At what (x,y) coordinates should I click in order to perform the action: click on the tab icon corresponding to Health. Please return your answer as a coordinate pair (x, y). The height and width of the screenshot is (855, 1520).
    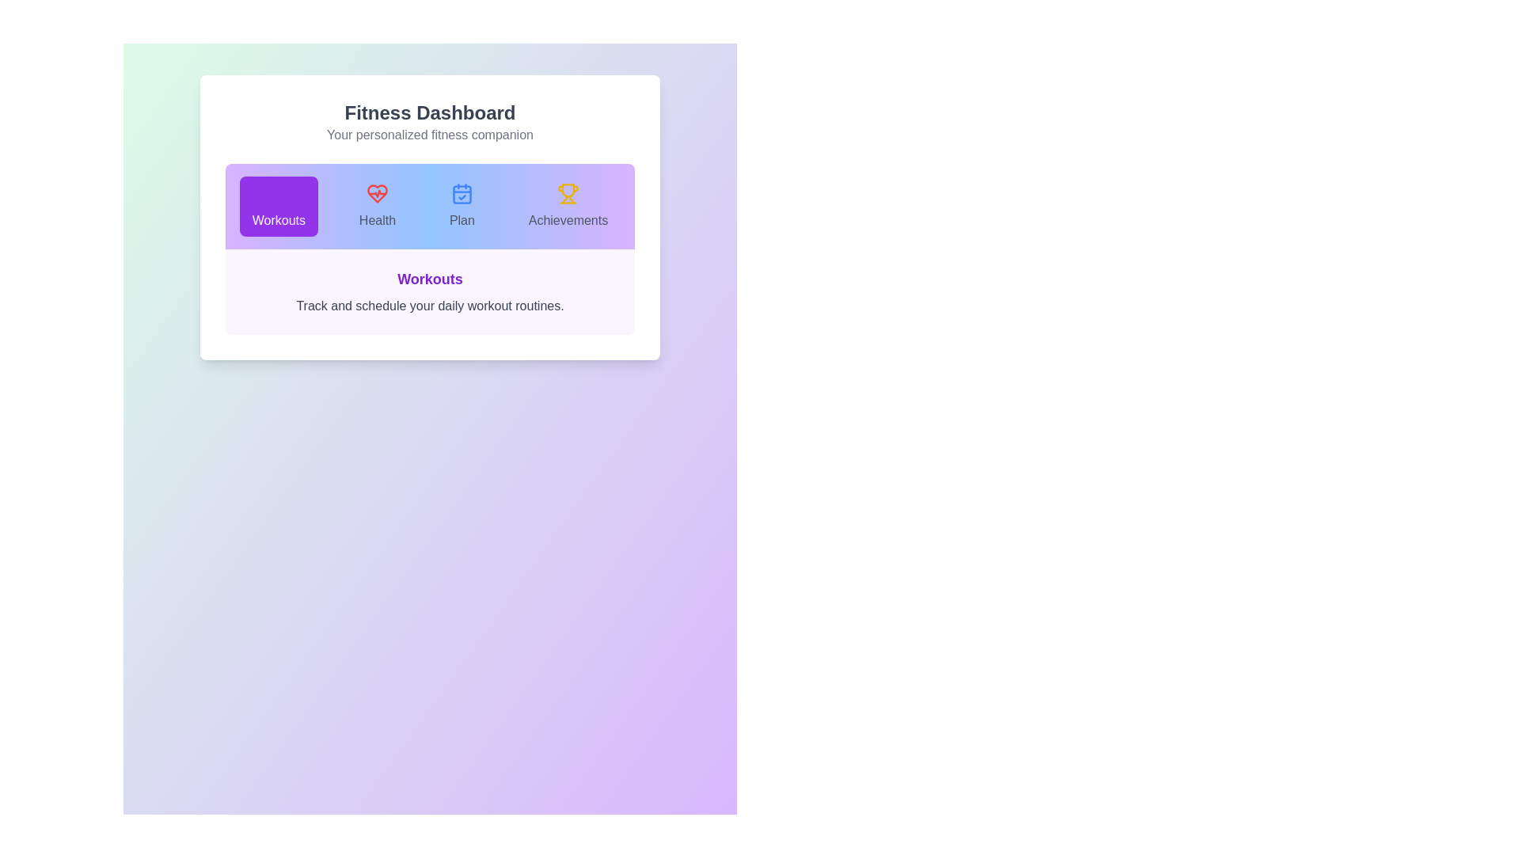
    Looking at the image, I should click on (376, 206).